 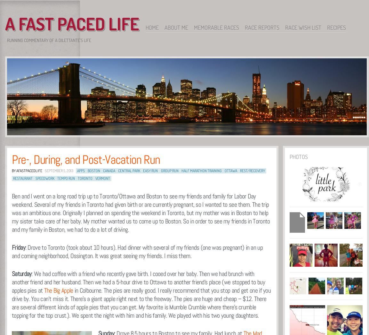 What do you see at coordinates (87, 171) in the screenshot?
I see `'Boston'` at bounding box center [87, 171].